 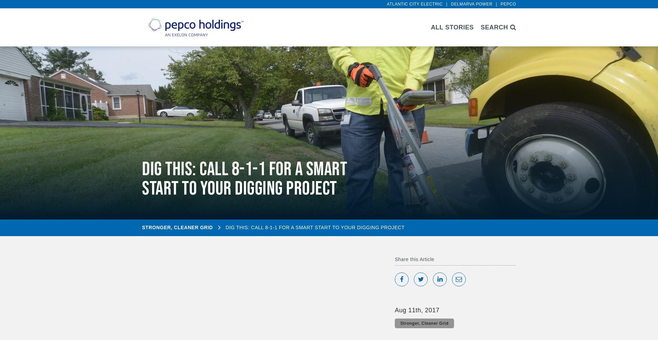 I want to click on 'Aug 11th, 2017', so click(x=417, y=310).